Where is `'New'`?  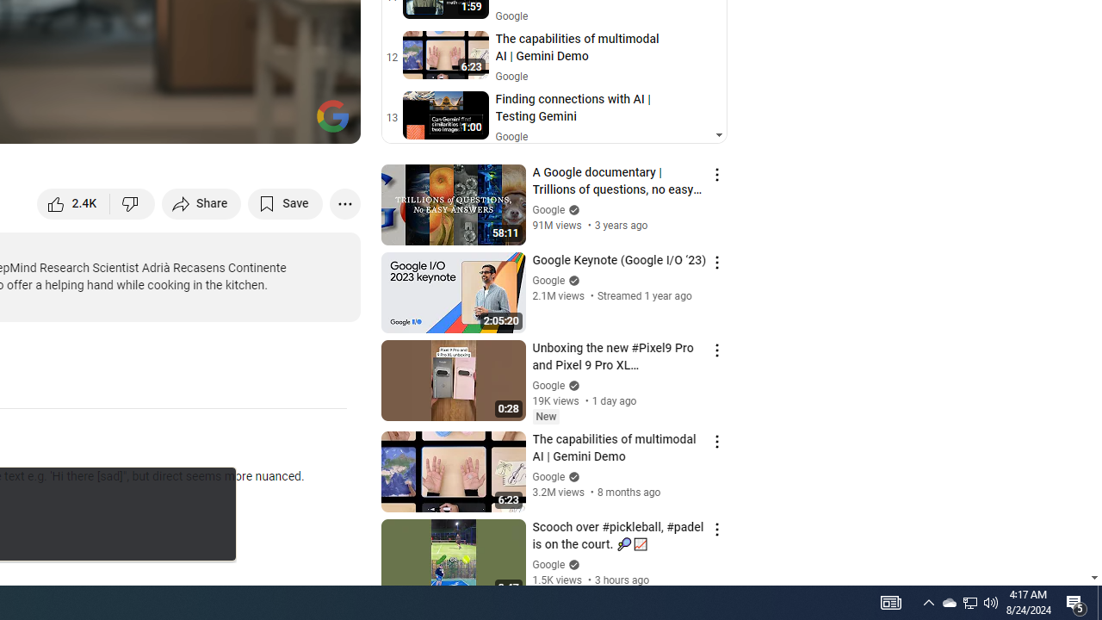 'New' is located at coordinates (545, 417).